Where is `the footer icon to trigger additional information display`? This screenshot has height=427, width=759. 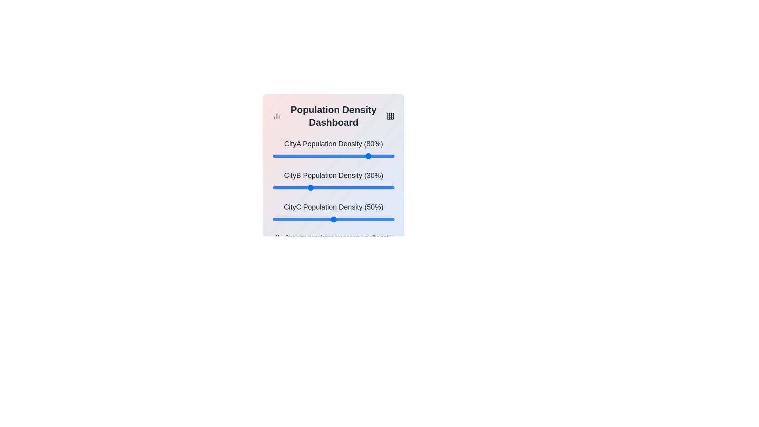
the footer icon to trigger additional information display is located at coordinates (278, 237).